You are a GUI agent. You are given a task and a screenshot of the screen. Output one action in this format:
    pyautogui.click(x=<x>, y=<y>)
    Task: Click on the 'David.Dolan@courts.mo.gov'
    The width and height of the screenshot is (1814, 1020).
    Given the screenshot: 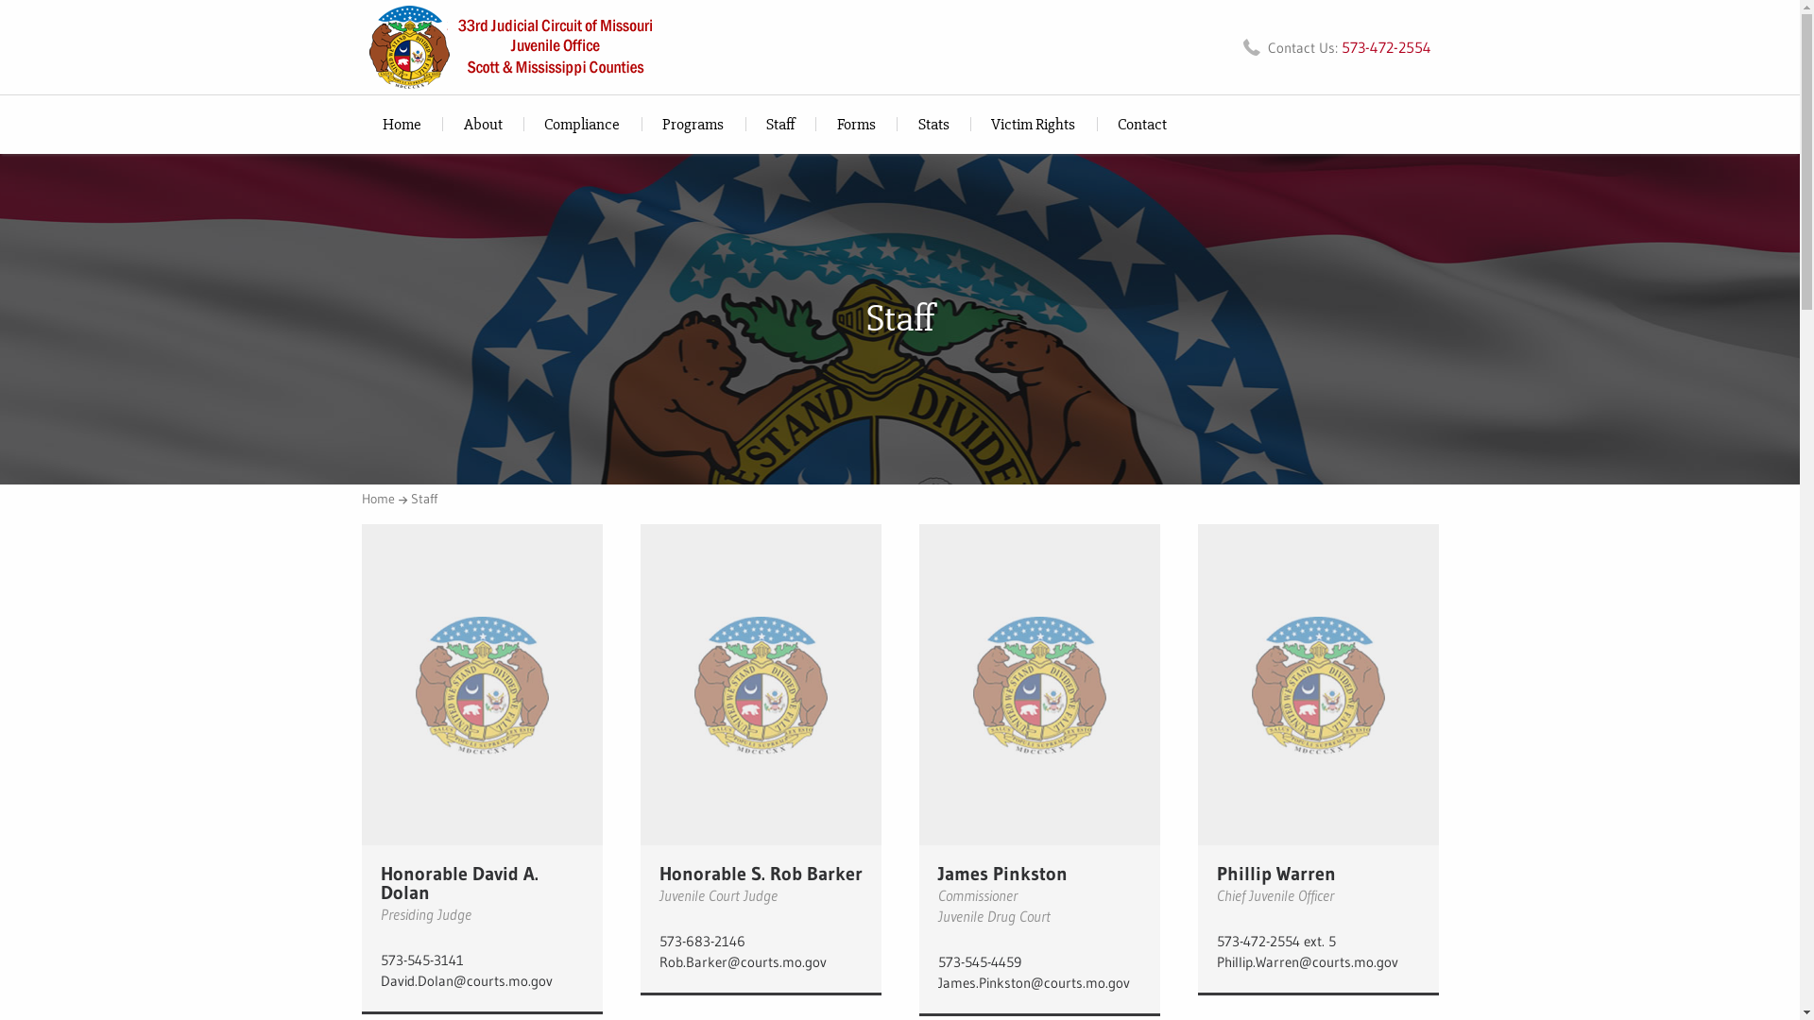 What is the action you would take?
    pyautogui.click(x=481, y=980)
    